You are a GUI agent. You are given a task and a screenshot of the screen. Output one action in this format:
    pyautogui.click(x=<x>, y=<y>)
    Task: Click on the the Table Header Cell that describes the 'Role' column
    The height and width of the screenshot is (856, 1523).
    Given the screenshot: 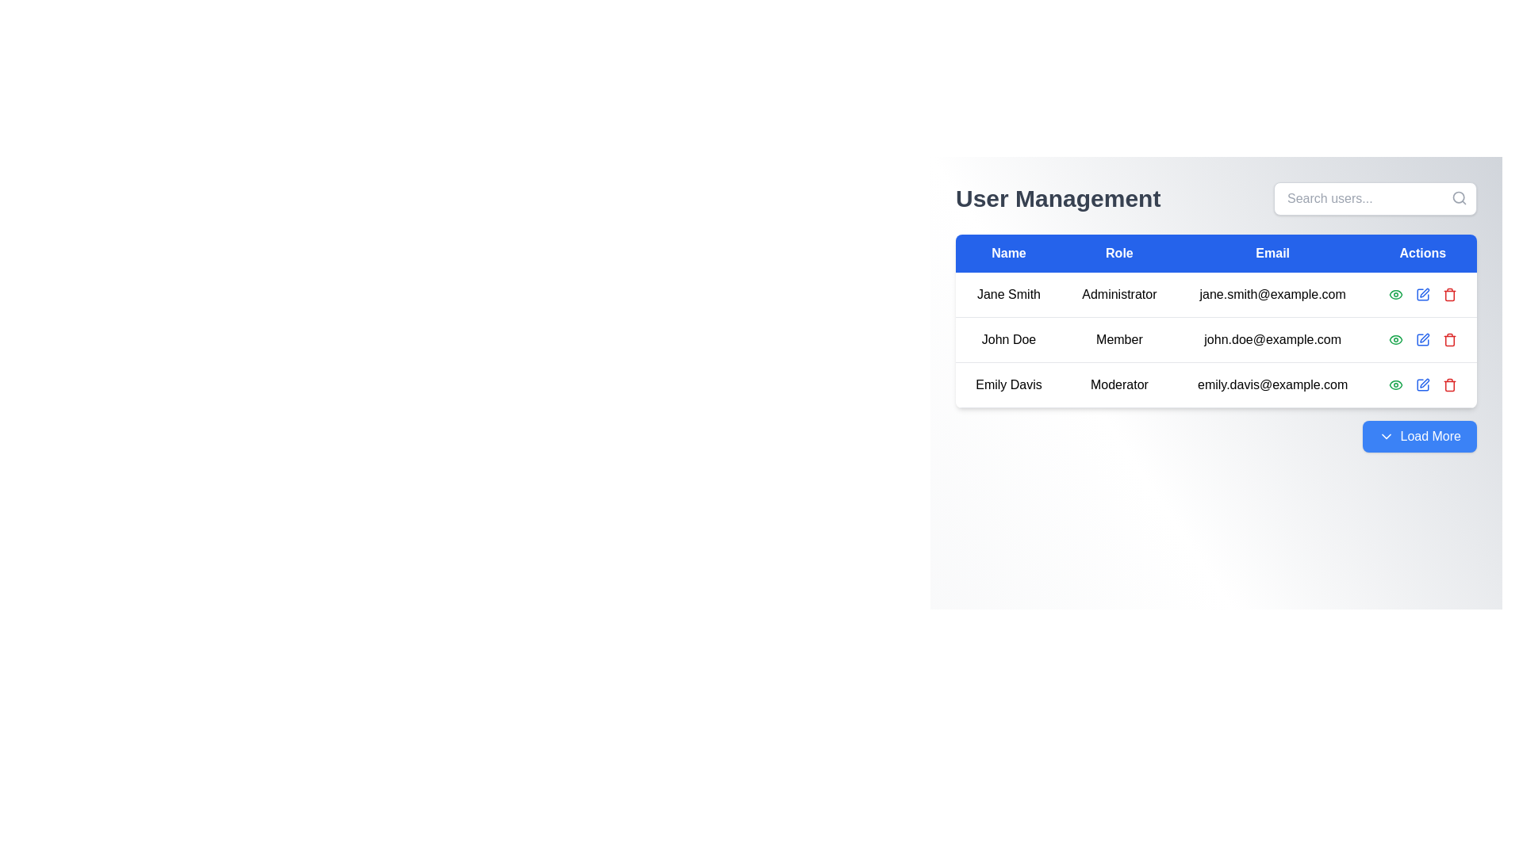 What is the action you would take?
    pyautogui.click(x=1118, y=253)
    